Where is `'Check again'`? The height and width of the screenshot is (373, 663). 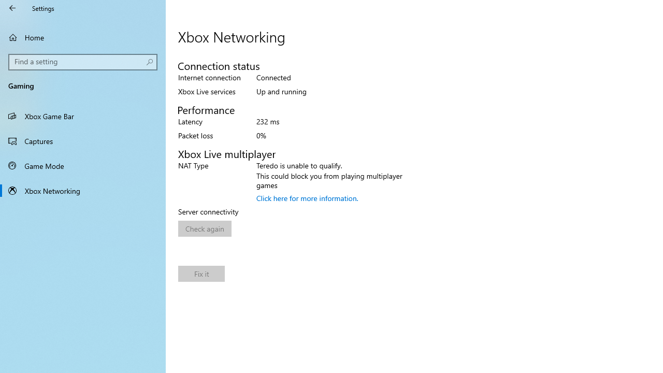 'Check again' is located at coordinates (205, 228).